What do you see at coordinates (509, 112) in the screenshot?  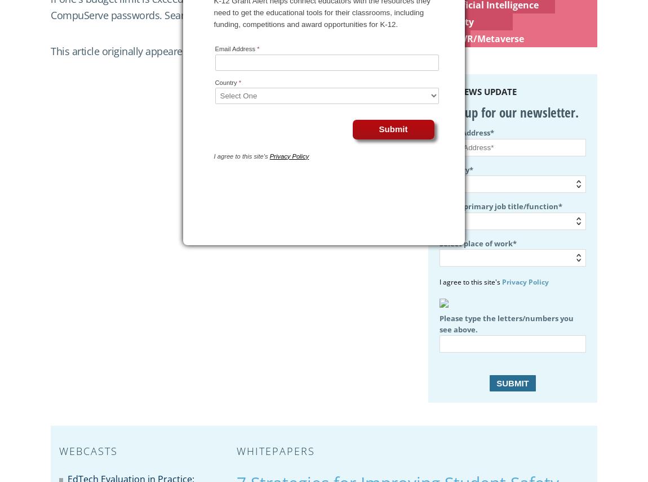 I see `'Sign up for our newsletter.'` at bounding box center [509, 112].